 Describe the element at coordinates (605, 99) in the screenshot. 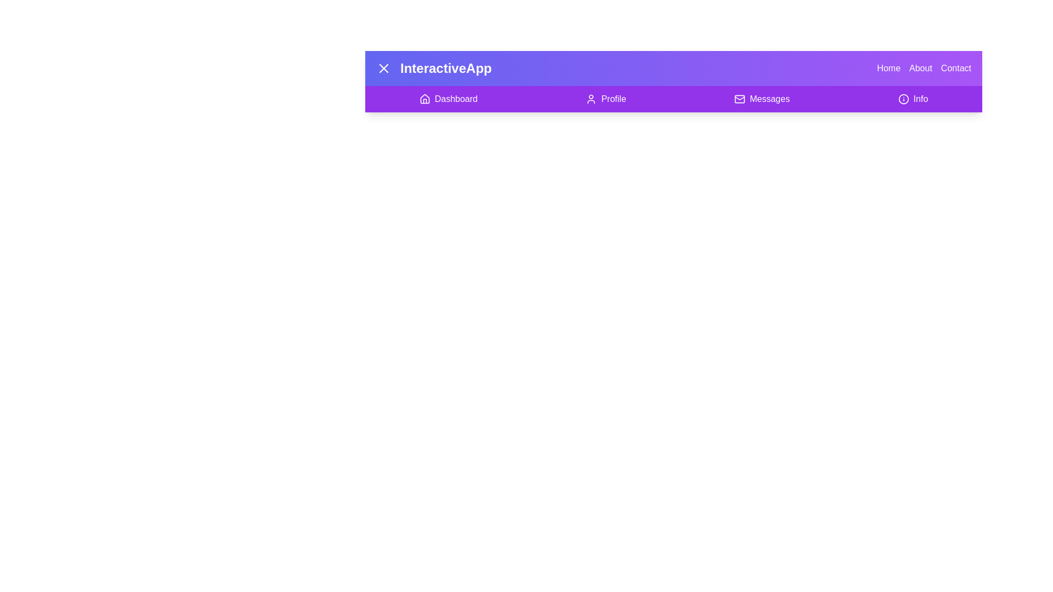

I see `the button labeled Profile to observe its hover effect` at that location.